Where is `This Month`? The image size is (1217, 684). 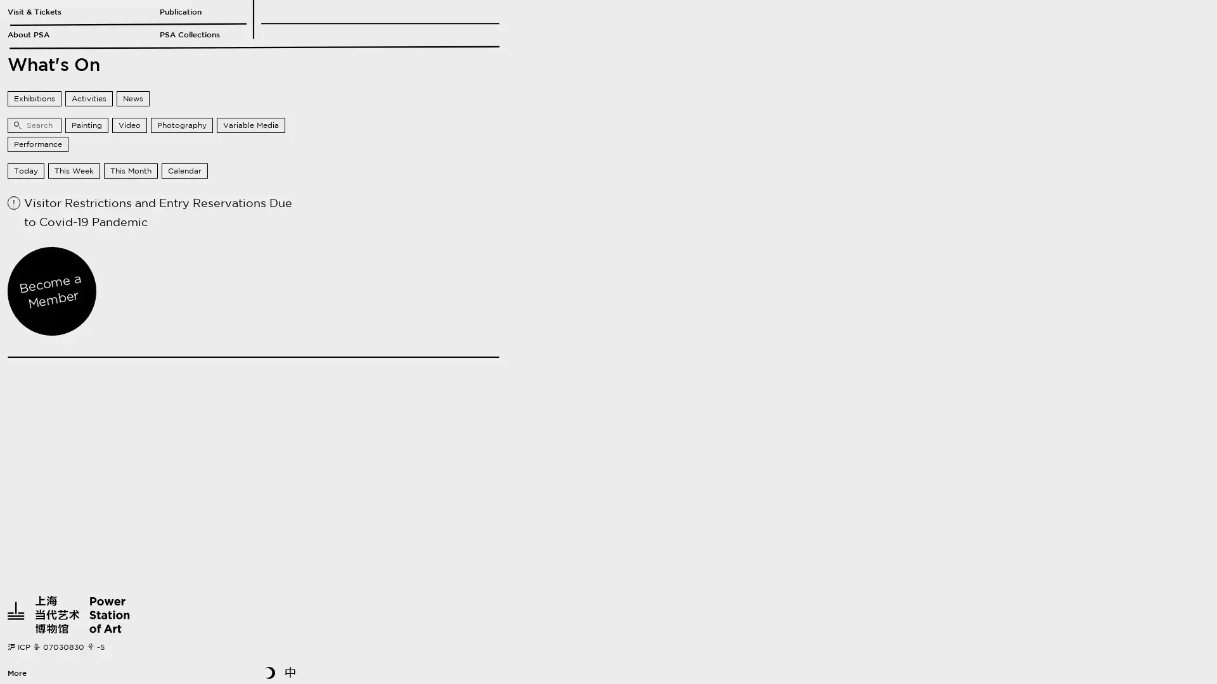
This Month is located at coordinates (131, 171).